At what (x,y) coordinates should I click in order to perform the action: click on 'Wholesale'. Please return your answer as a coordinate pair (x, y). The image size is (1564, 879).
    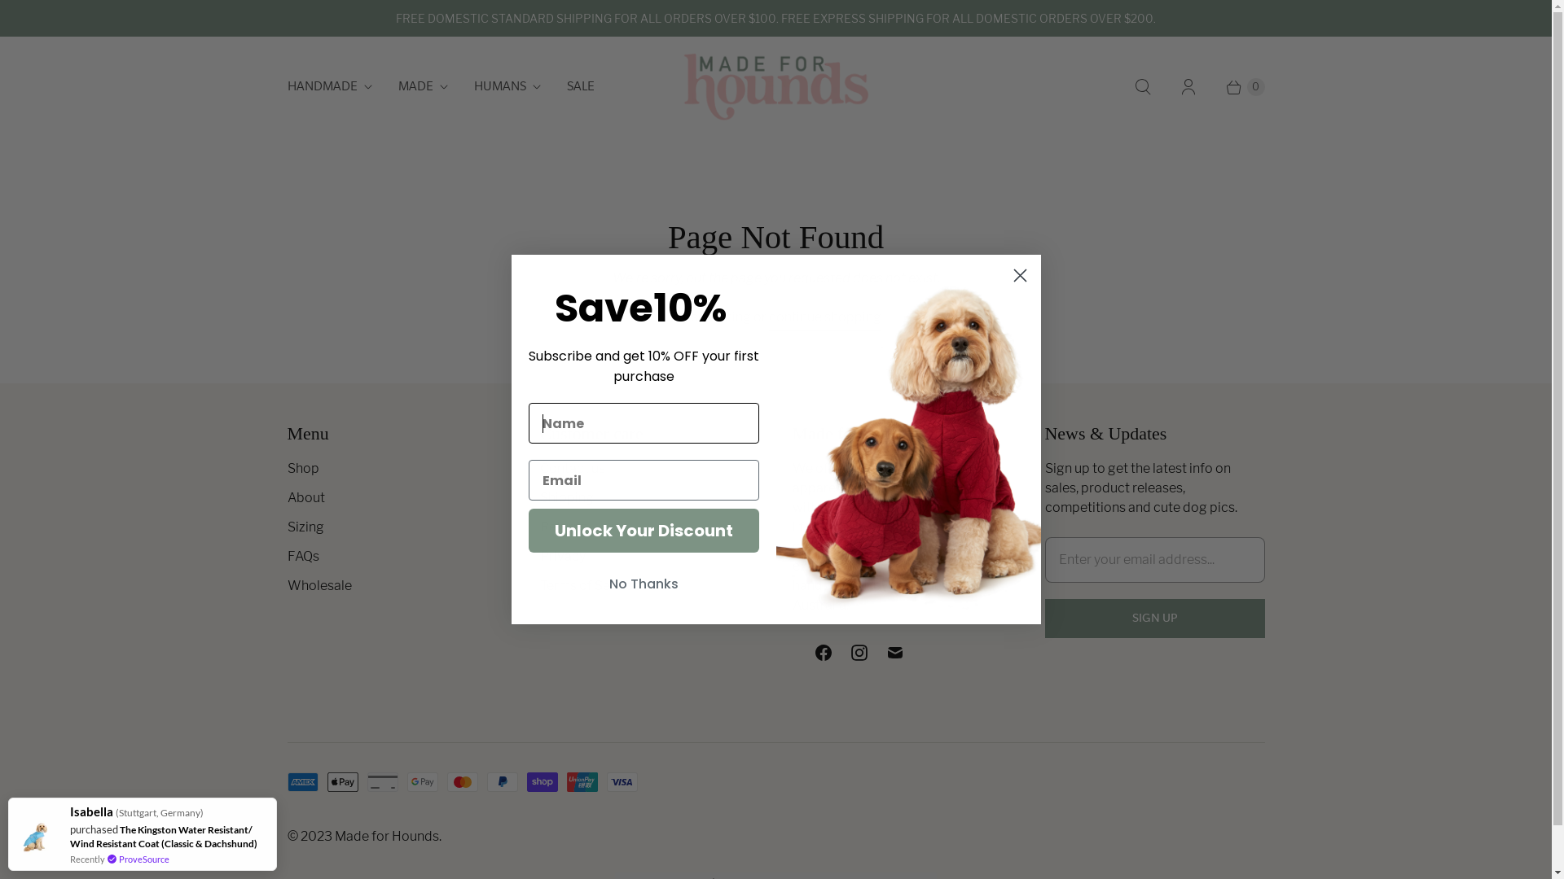
    Looking at the image, I should click on (319, 584).